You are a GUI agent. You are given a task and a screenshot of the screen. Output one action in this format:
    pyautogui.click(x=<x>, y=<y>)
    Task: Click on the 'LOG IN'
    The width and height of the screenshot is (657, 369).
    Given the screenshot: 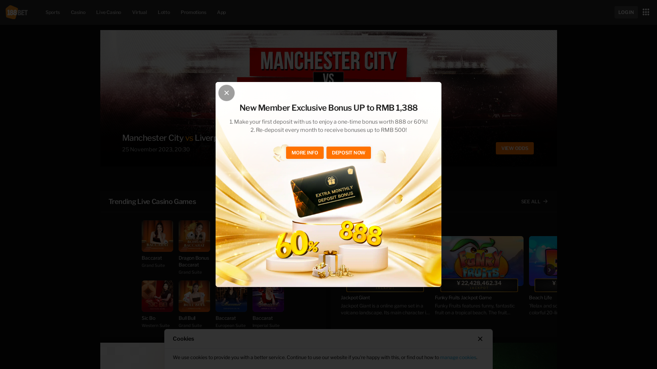 What is the action you would take?
    pyautogui.click(x=614, y=12)
    